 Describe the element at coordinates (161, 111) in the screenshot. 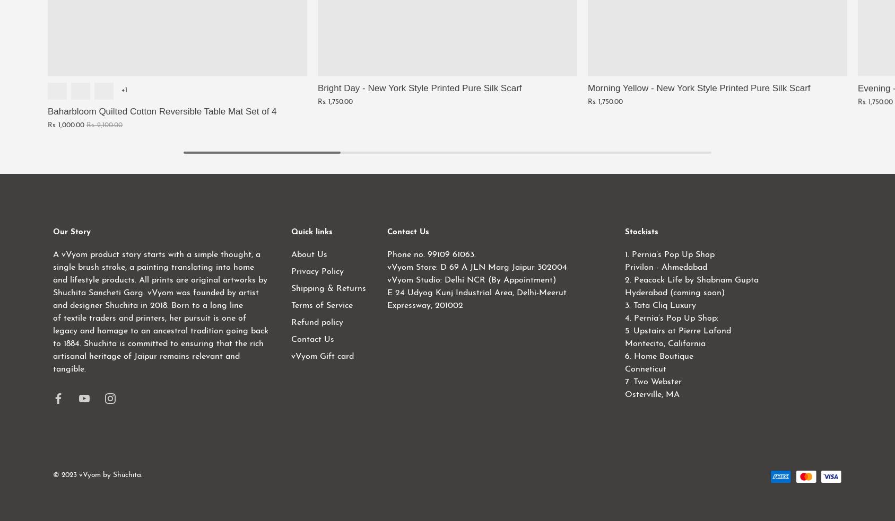

I see `'Baharbloom Quilted Cotton Reversible Table Mat Set of 4'` at that location.